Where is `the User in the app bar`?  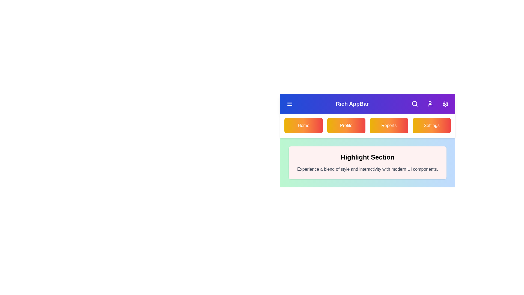
the User in the app bar is located at coordinates (430, 104).